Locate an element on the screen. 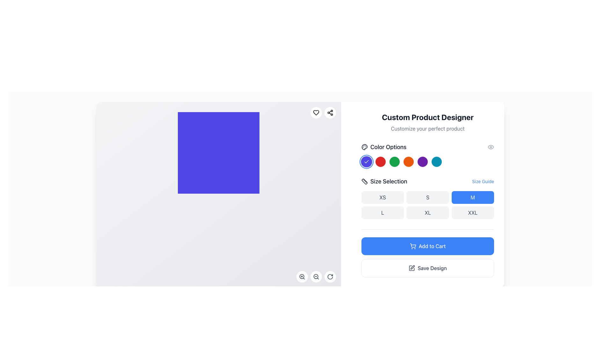  the circular icon button with a clockwise arrow design located at the bottom-right corner of the canvas to rotate it clockwise is located at coordinates (330, 276).